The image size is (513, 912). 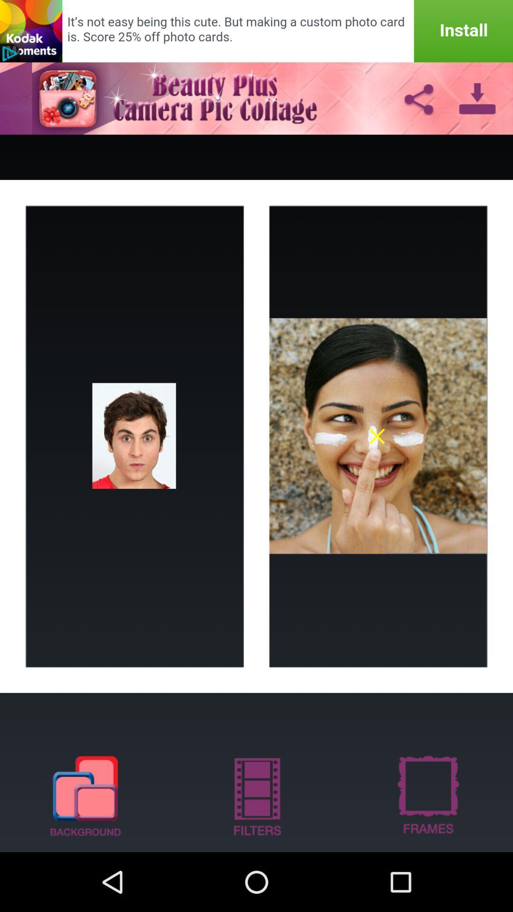 What do you see at coordinates (418, 105) in the screenshot?
I see `the share icon` at bounding box center [418, 105].